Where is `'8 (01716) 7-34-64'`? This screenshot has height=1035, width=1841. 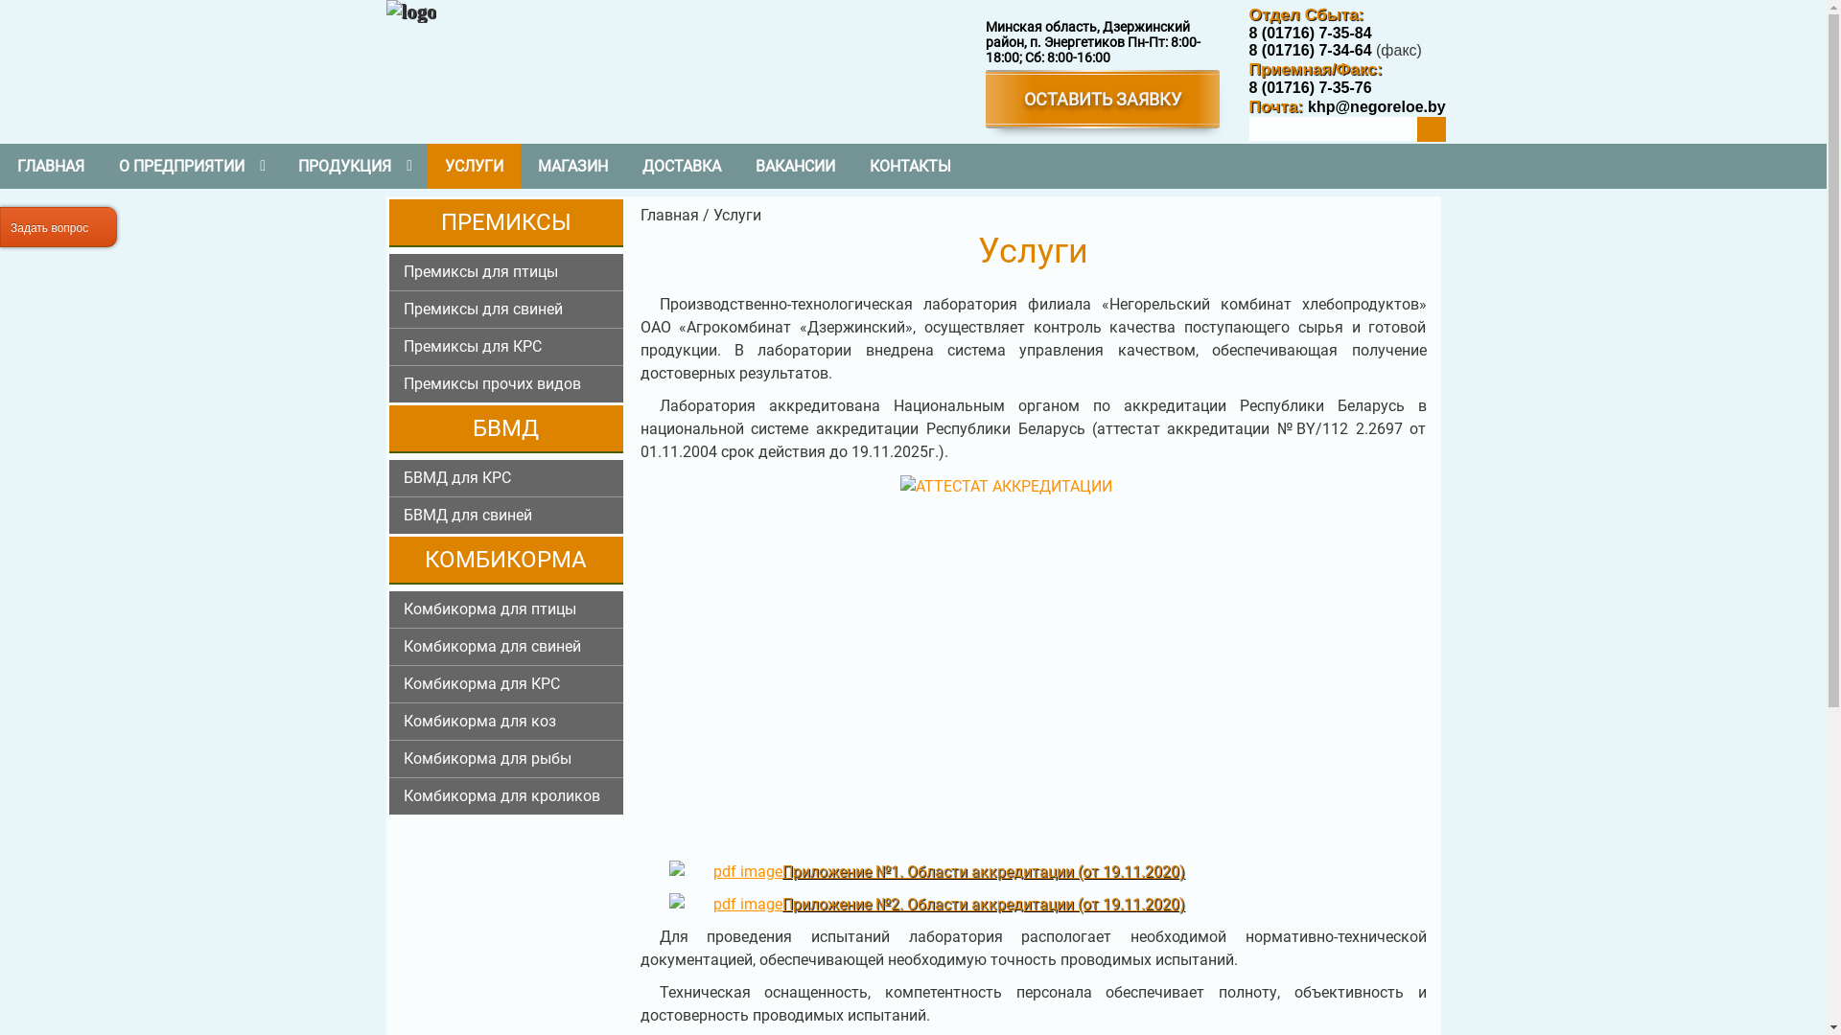
'8 (01716) 7-34-64' is located at coordinates (1309, 49).